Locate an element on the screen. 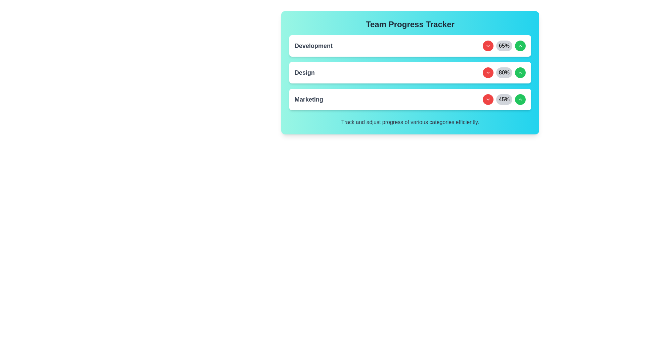  the red circular button with a white downward chevron icon is located at coordinates (488, 72).